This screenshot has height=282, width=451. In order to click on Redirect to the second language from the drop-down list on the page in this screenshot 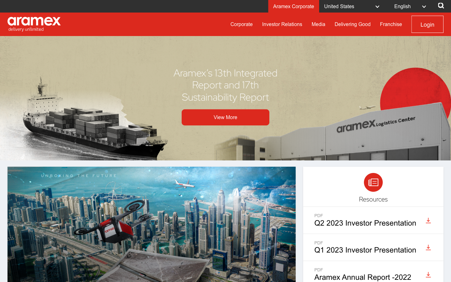, I will do `click(412, 6)`.